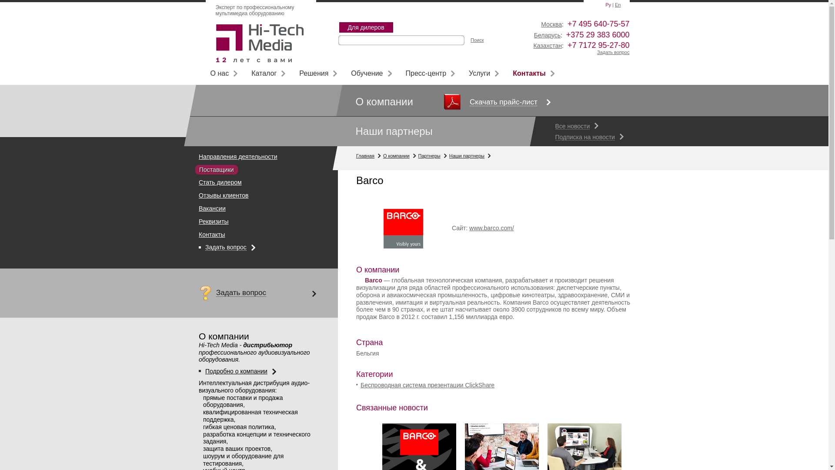 This screenshot has width=835, height=470. What do you see at coordinates (597, 34) in the screenshot?
I see `'+375 29 383 6000'` at bounding box center [597, 34].